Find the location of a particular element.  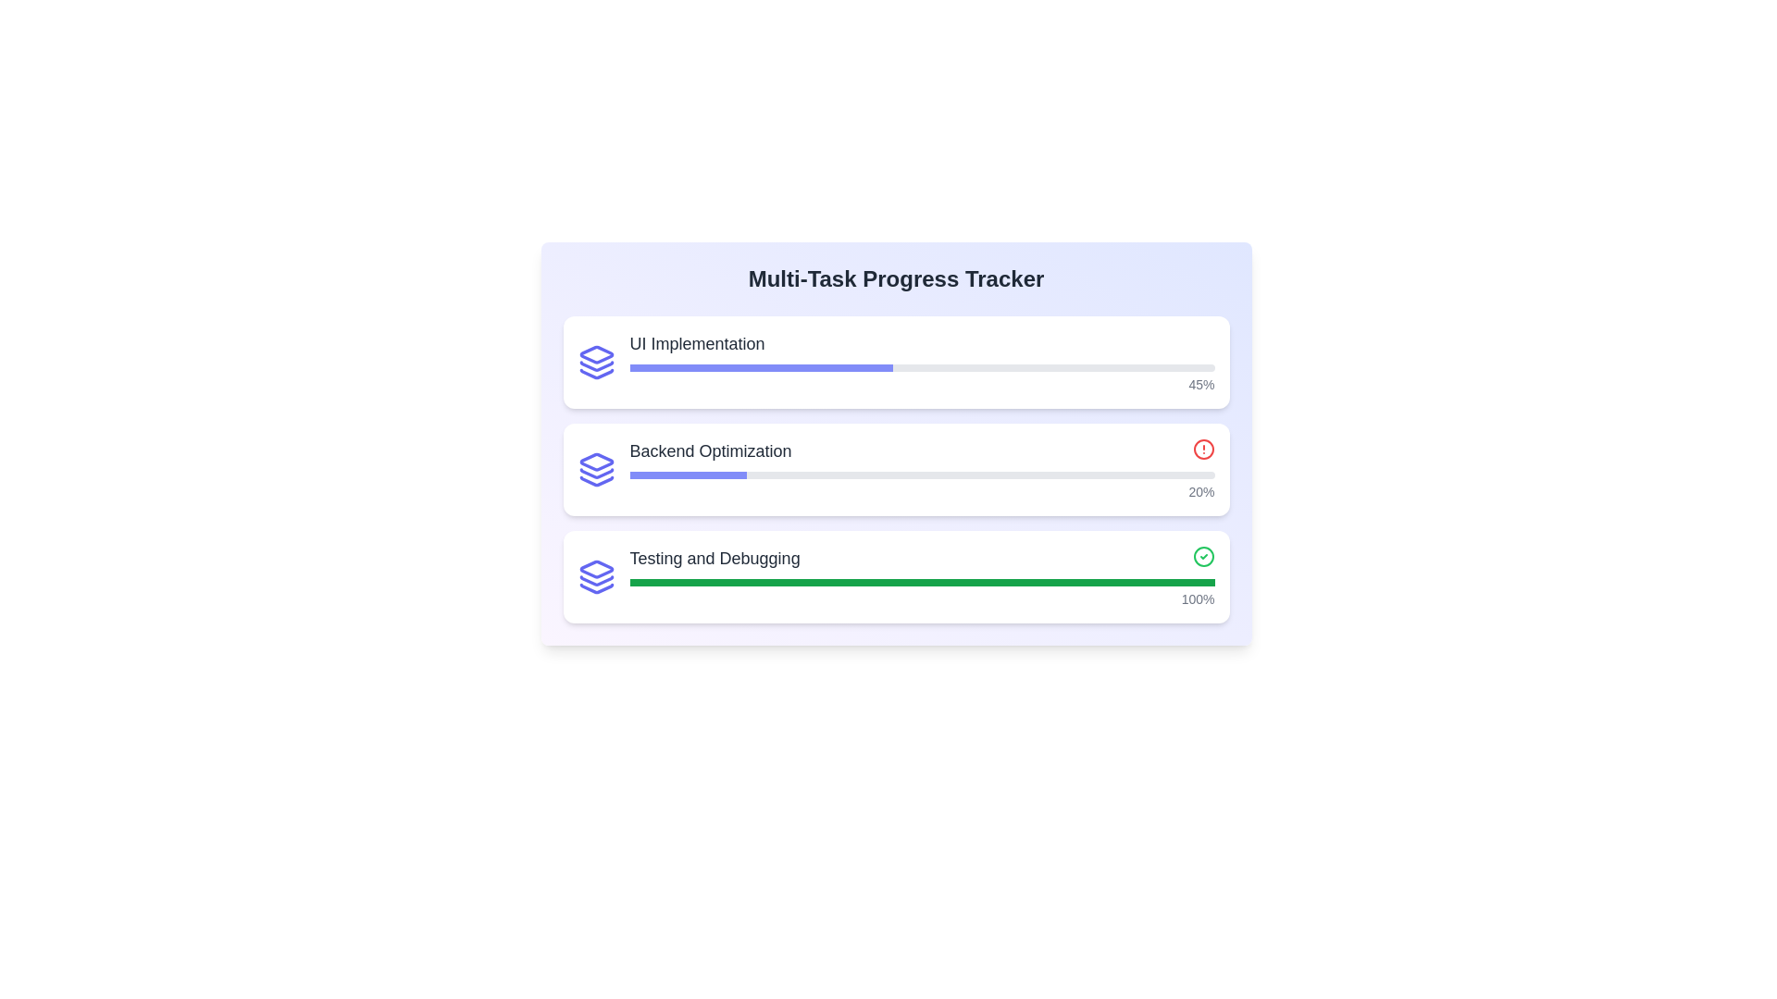

the progress bar representing the 'Testing and Debugging' task, which shows 100% completion, to interact with it if it is enabled is located at coordinates (922, 593).